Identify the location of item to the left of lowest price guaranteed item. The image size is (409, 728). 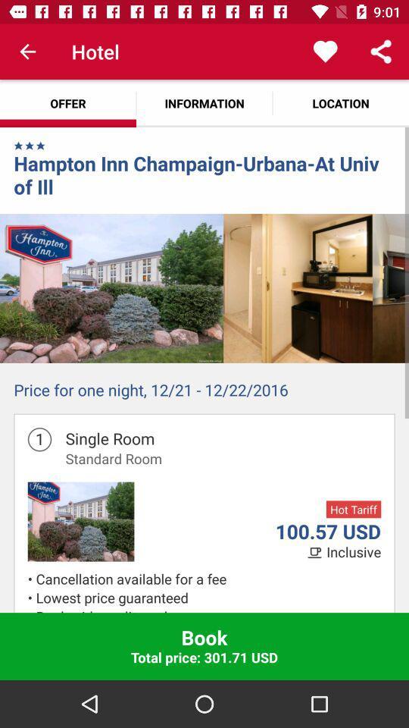
(32, 610).